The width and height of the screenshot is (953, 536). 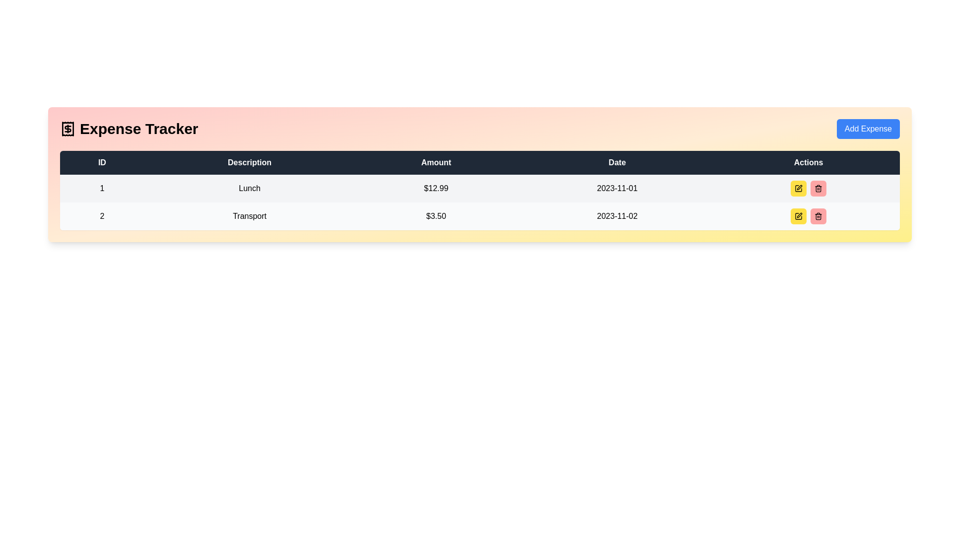 What do you see at coordinates (818, 216) in the screenshot?
I see `the trash icon in the 'Actions' column of the second row, which is depicted in a minimalistic style with straight lines and rounded corners` at bounding box center [818, 216].